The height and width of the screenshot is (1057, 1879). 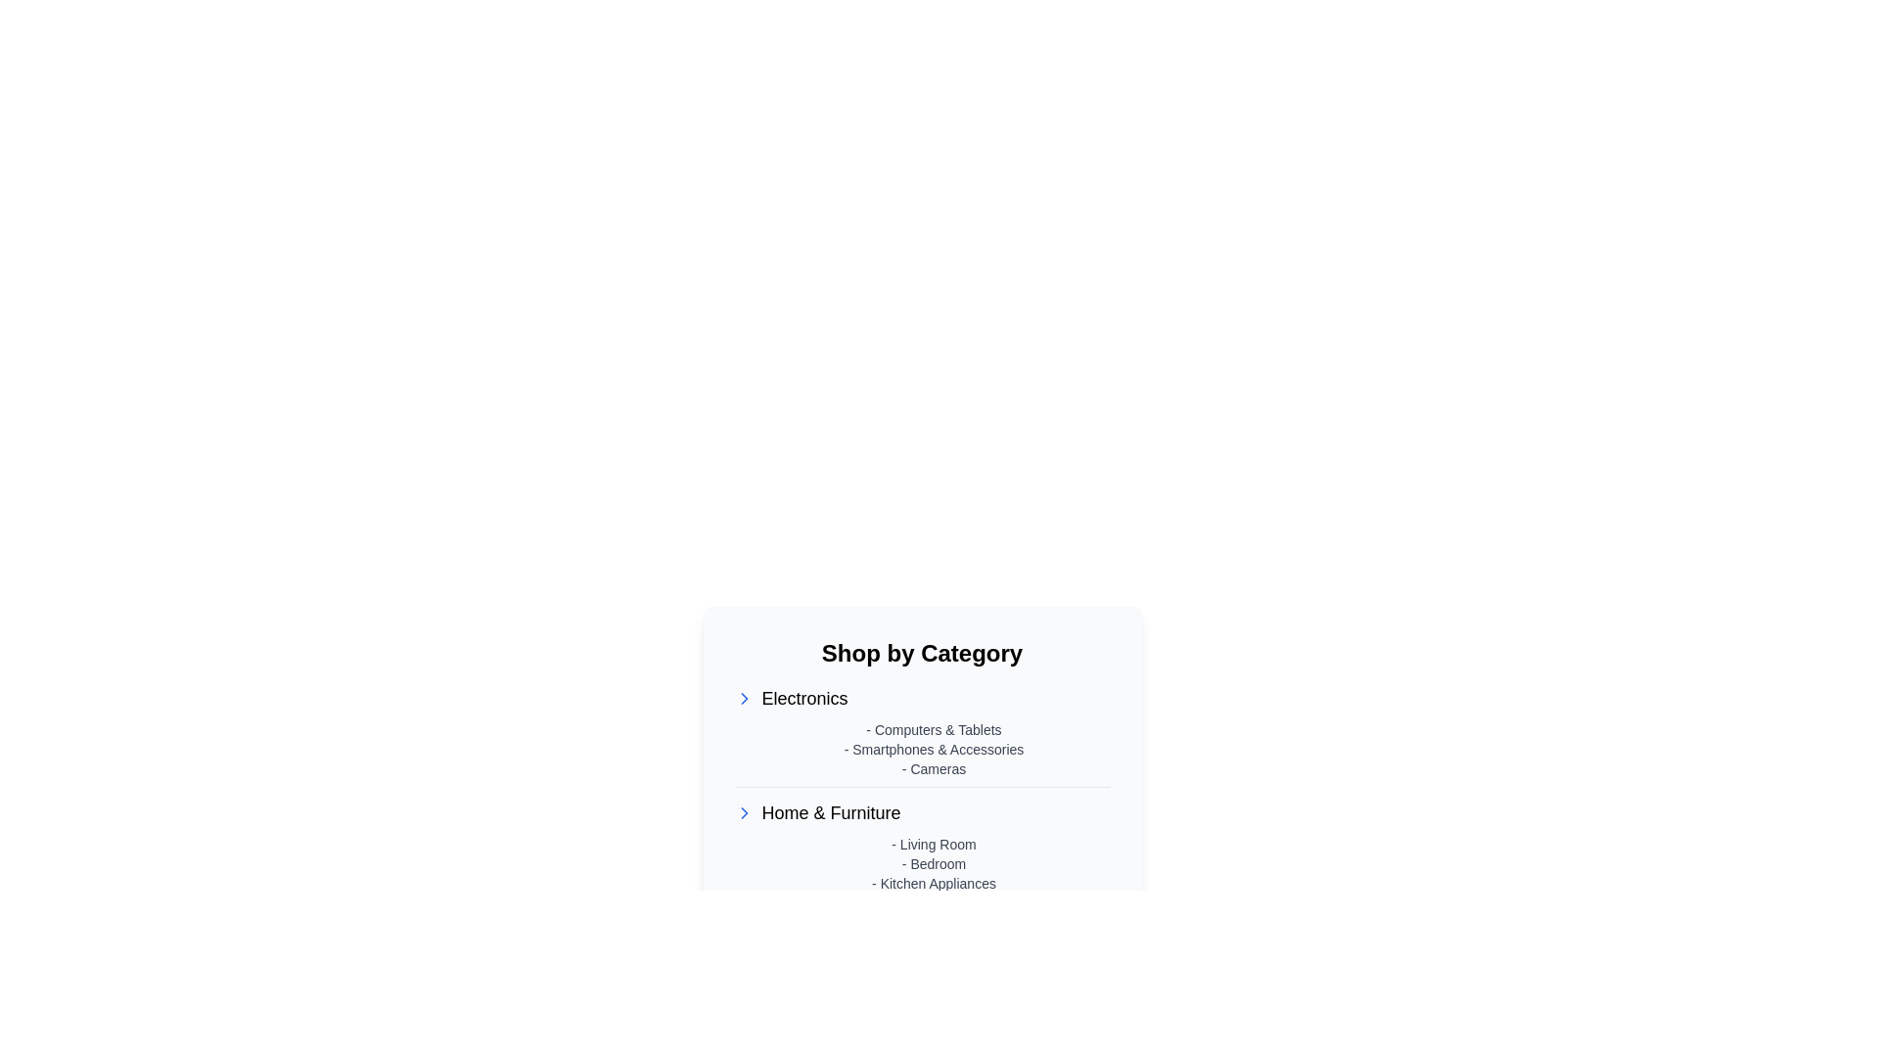 I want to click on header text 'Shop by Category' which is prominently displayed at the top of the category listings section, so click(x=921, y=653).